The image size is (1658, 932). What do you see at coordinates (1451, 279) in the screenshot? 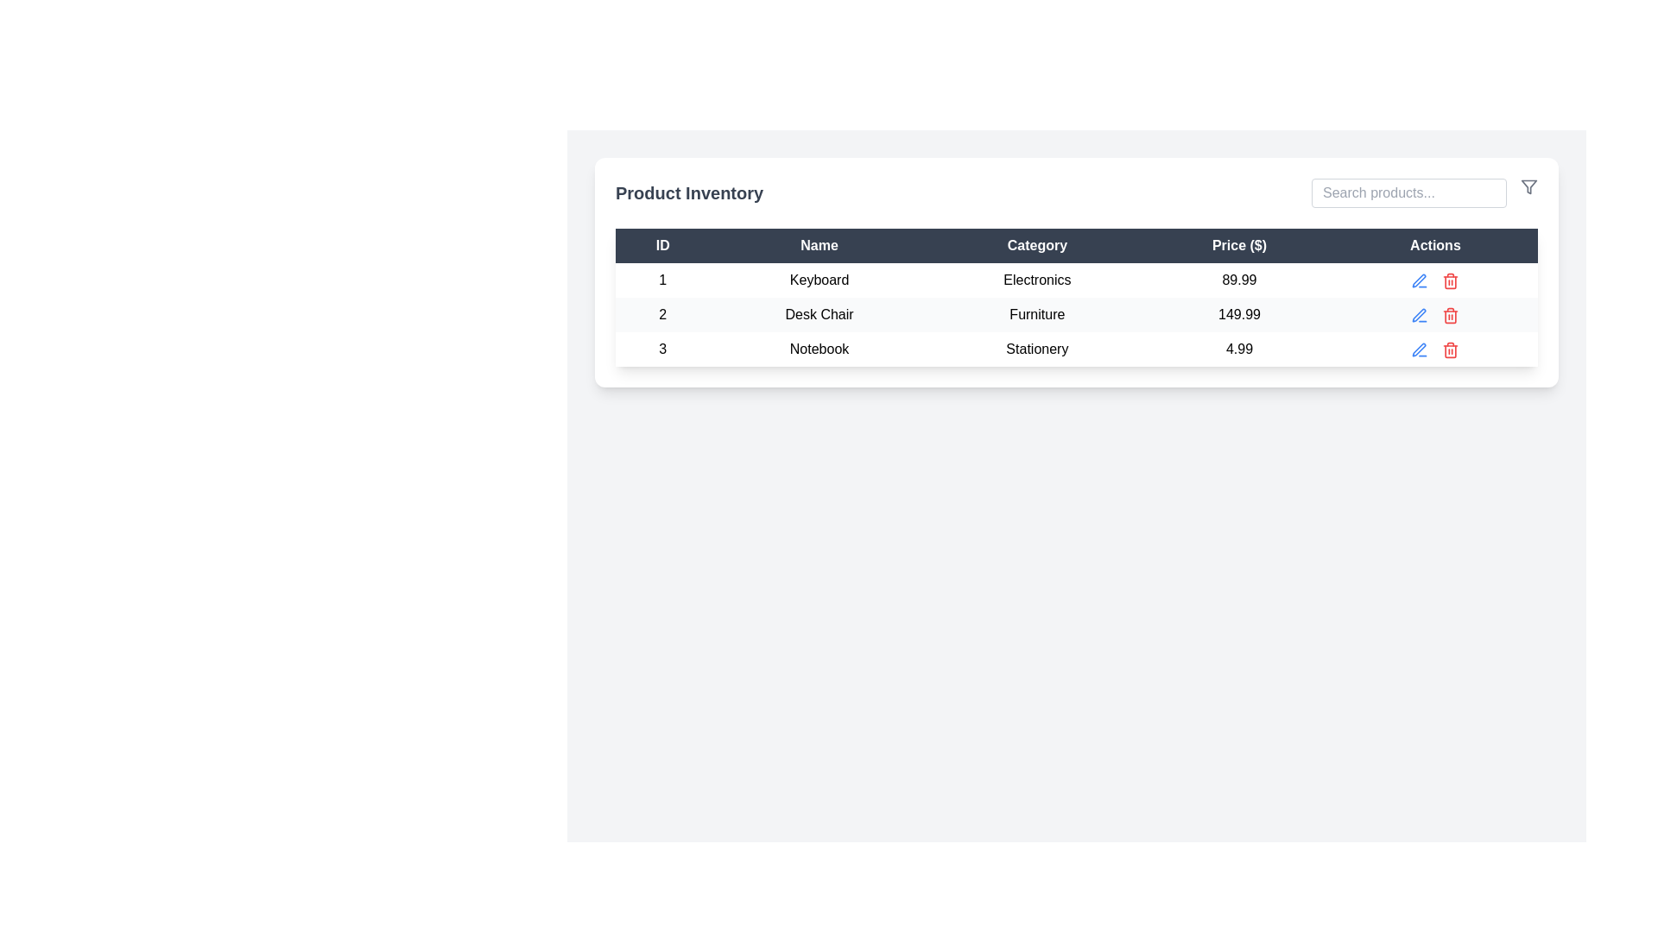
I see `the delete icon button located in the 'Actions' column of the first row in the 'Product Inventory' table` at bounding box center [1451, 279].